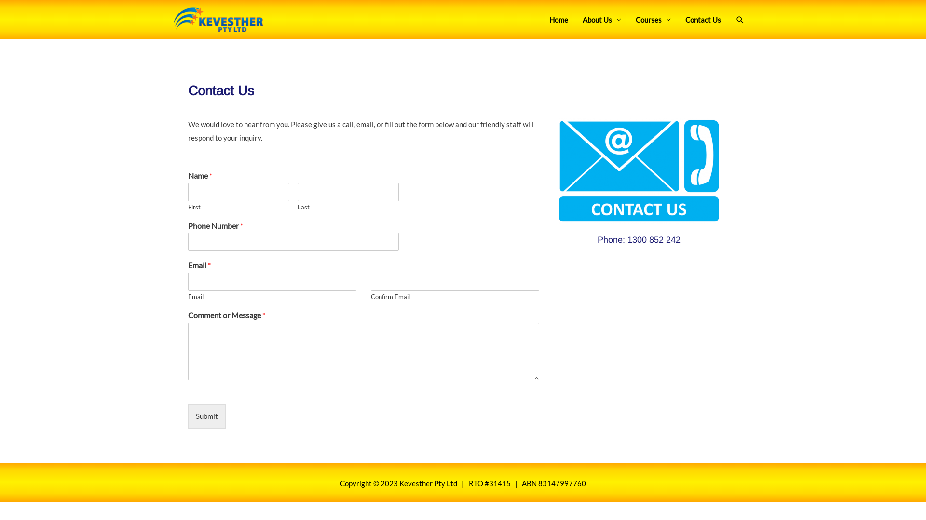 The height and width of the screenshot is (520, 926). Describe the element at coordinates (601, 20) in the screenshot. I see `'About Us'` at that location.